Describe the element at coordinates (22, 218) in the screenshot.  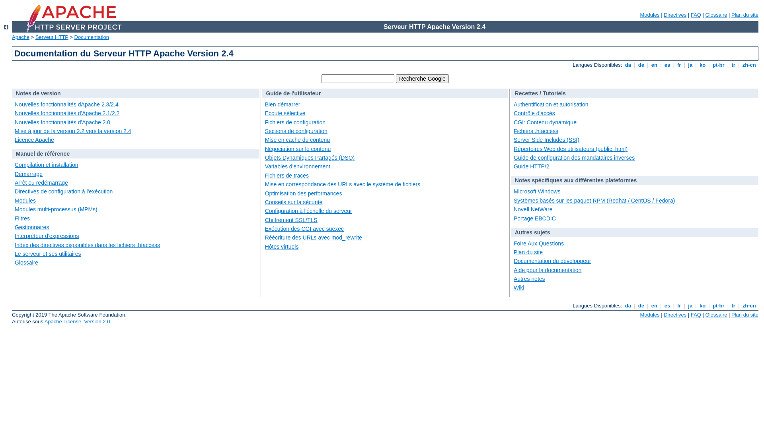
I see `'Filtres'` at that location.